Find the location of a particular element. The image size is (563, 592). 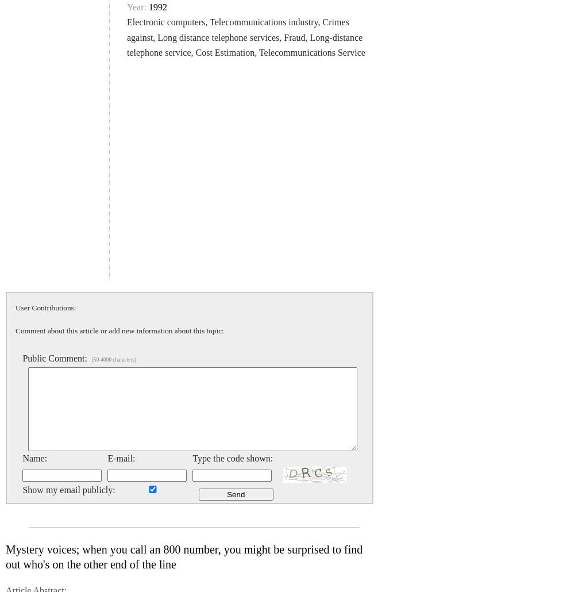

'Electronic computers, Telecommunications industry, Crimes against, Long distance telephone services, Fraud, Long-distance telephone service, Cost Estimation, Telecommunications Service' is located at coordinates (245, 37).